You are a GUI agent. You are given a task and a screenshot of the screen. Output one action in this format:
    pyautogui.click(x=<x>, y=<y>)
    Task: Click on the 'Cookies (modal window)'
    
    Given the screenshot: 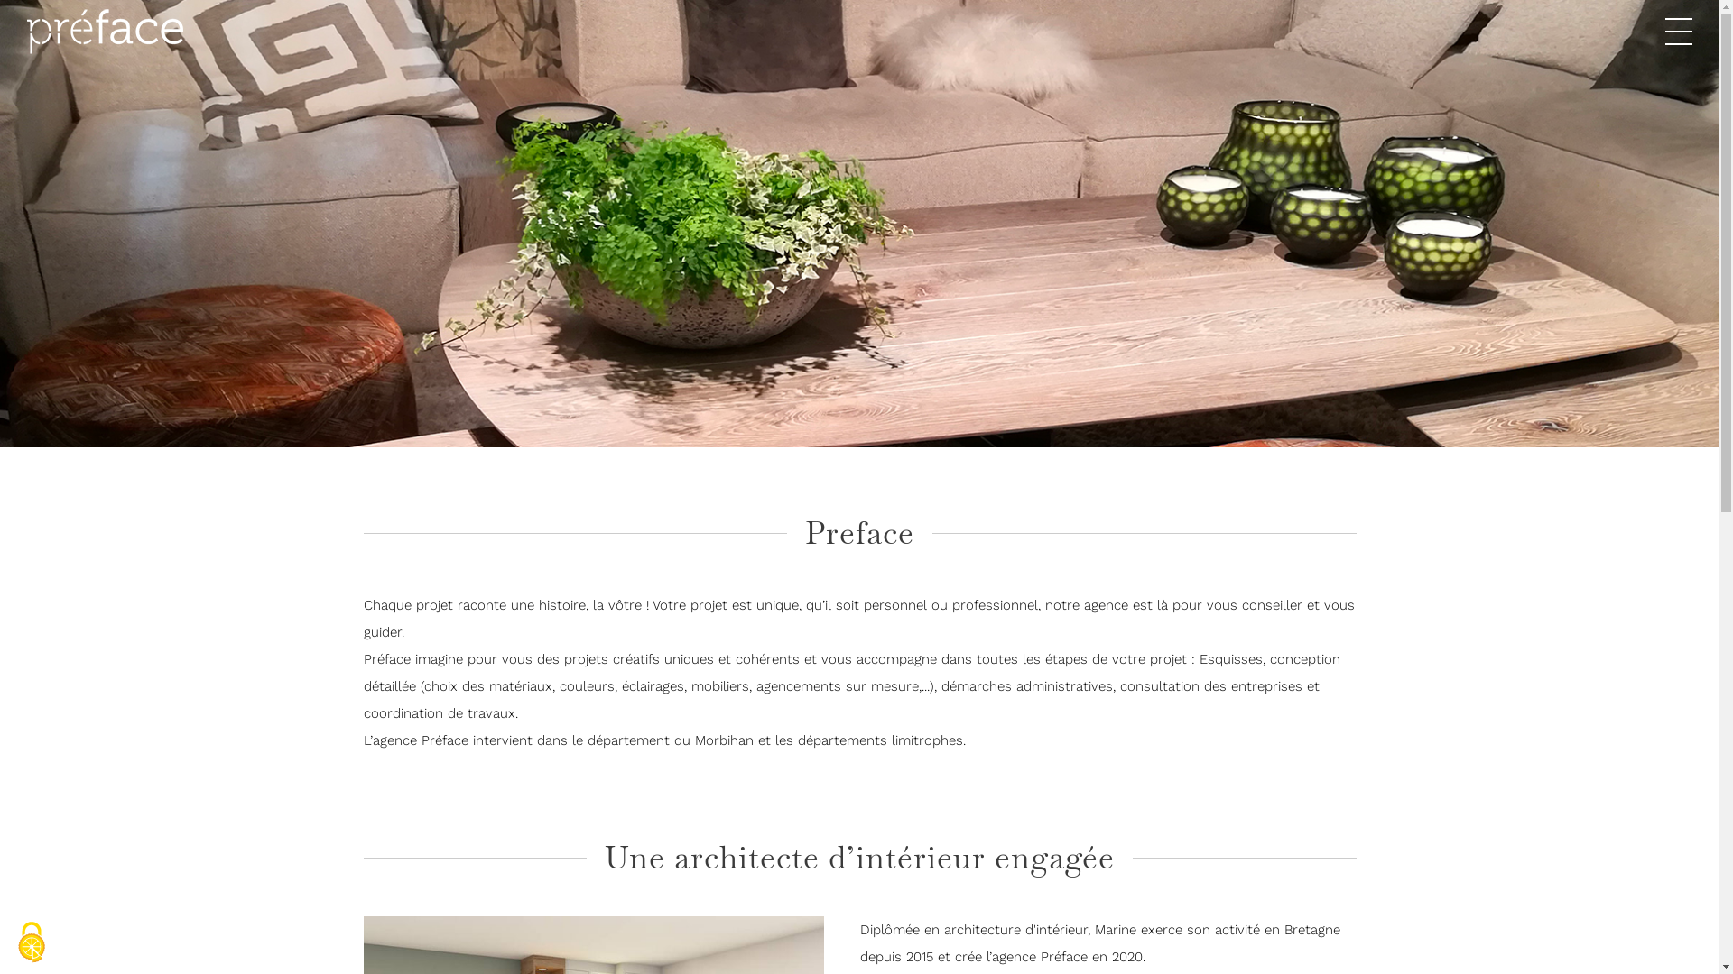 What is the action you would take?
    pyautogui.click(x=31, y=942)
    